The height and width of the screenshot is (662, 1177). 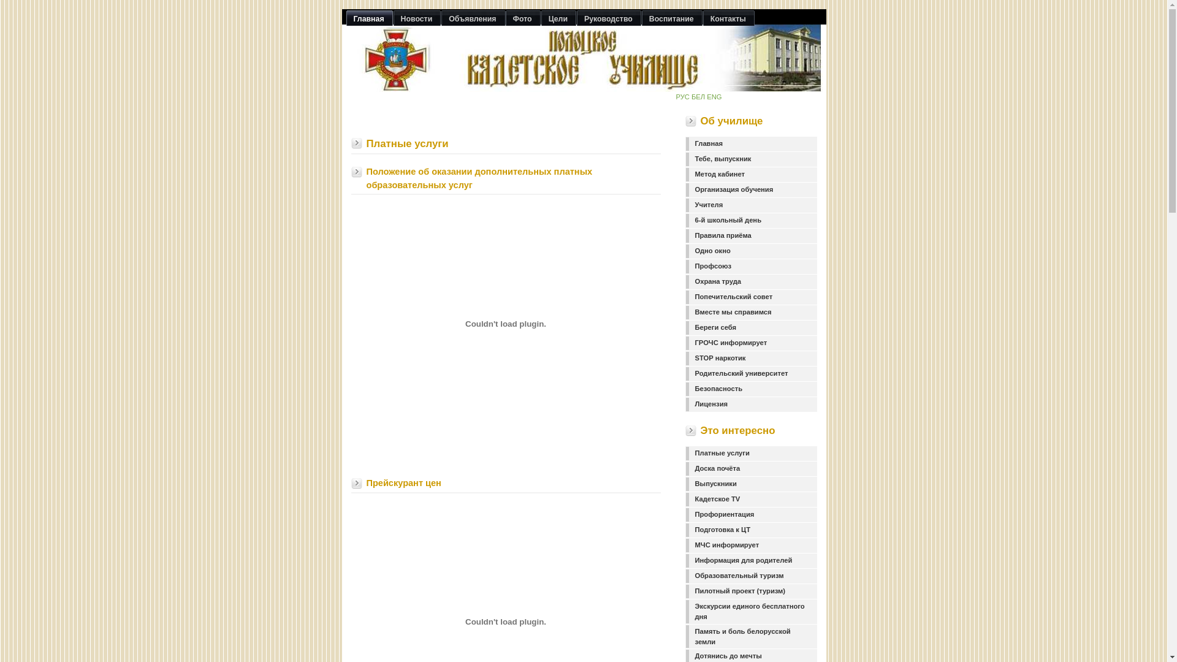 I want to click on 'ENG', so click(x=706, y=96).